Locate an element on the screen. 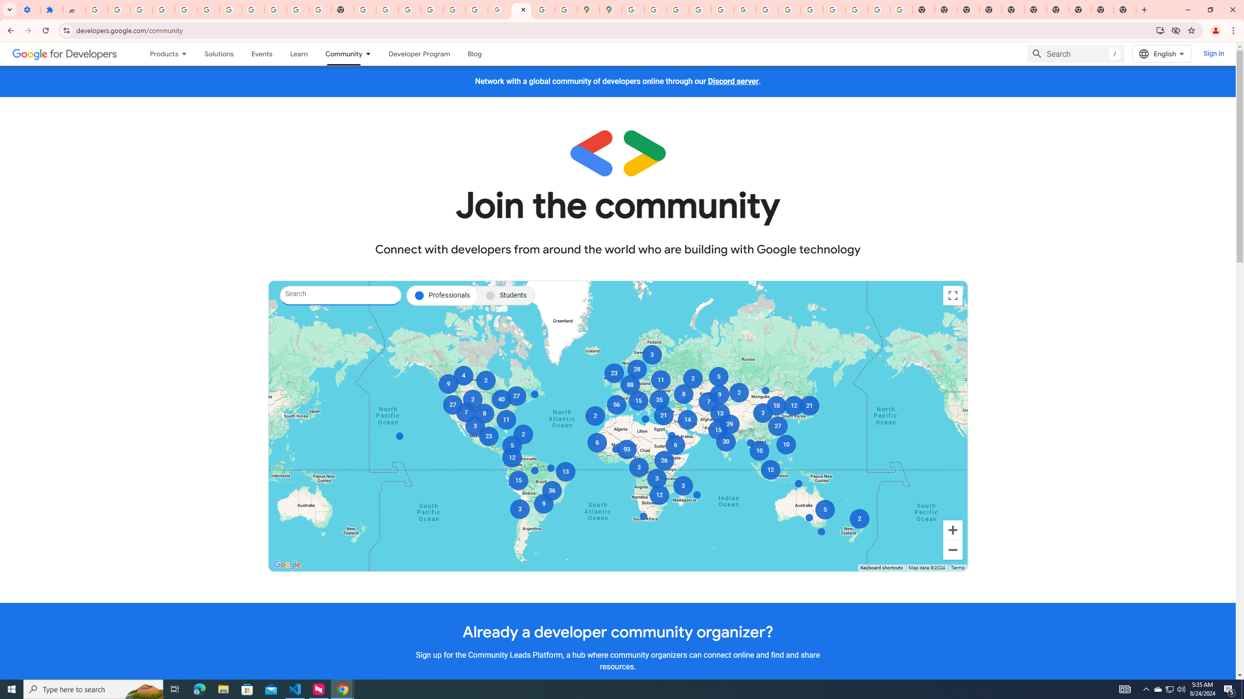  'Extensions' is located at coordinates (51, 9).